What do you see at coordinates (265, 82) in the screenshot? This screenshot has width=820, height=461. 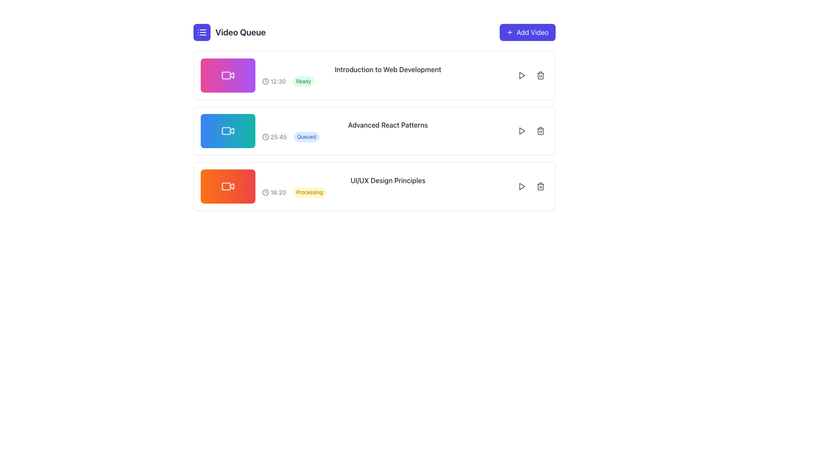 I see `the decorative frame of the clock icon located next to the time duration '12:30' in the 'Introduction to Web Development' video entry` at bounding box center [265, 82].